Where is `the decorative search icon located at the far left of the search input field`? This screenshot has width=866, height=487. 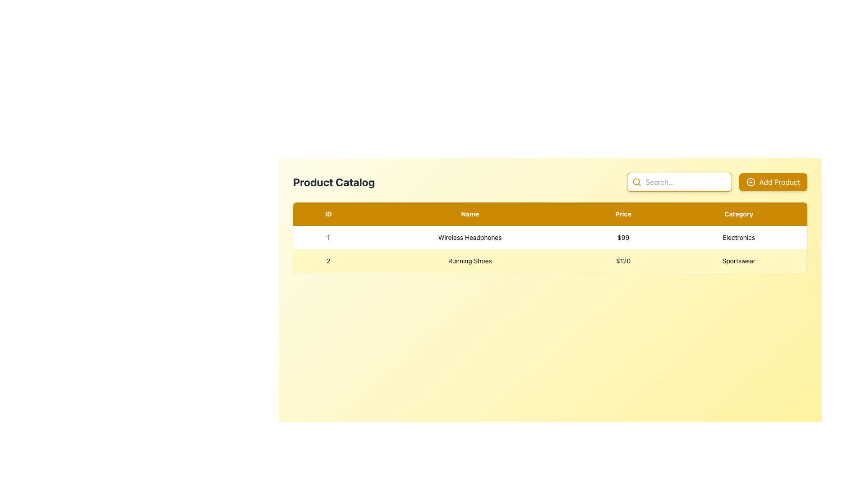 the decorative search icon located at the far left of the search input field is located at coordinates (636, 182).